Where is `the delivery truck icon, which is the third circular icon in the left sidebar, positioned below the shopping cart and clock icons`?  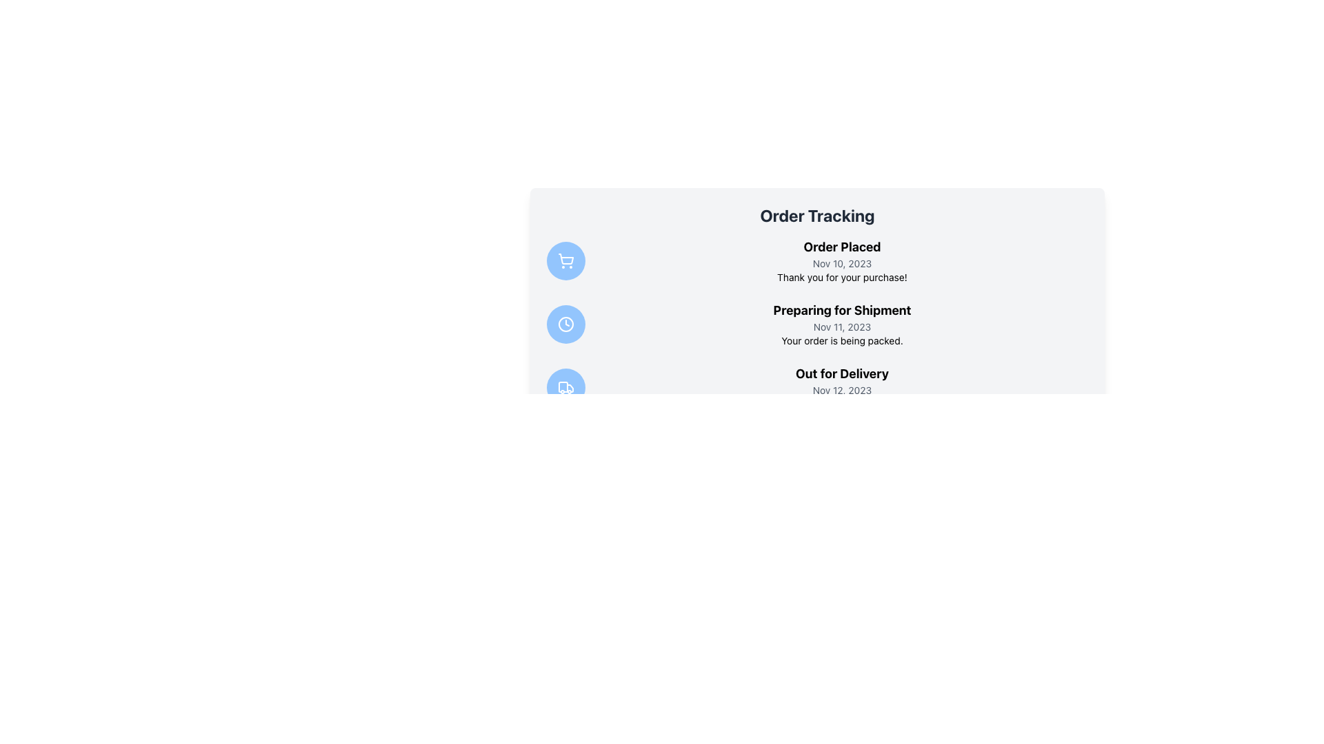
the delivery truck icon, which is the third circular icon in the left sidebar, positioned below the shopping cart and clock icons is located at coordinates (565, 388).